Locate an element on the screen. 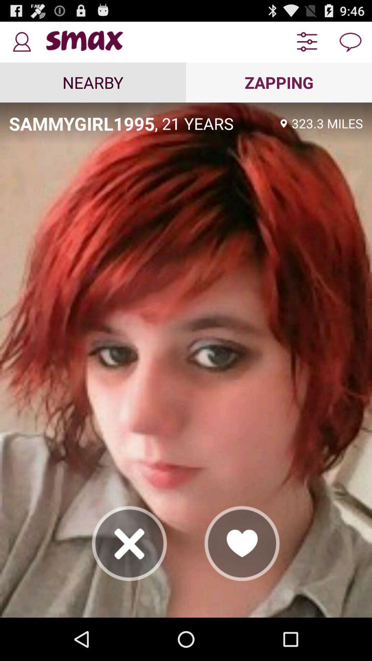  item next to , 21 years is located at coordinates (81, 123).